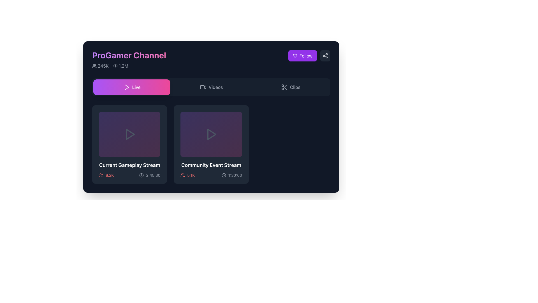 This screenshot has width=538, height=303. What do you see at coordinates (205, 87) in the screenshot?
I see `the video playback icon located next to the 'Videos' text in the menu bar at the top center-right of the interface` at bounding box center [205, 87].